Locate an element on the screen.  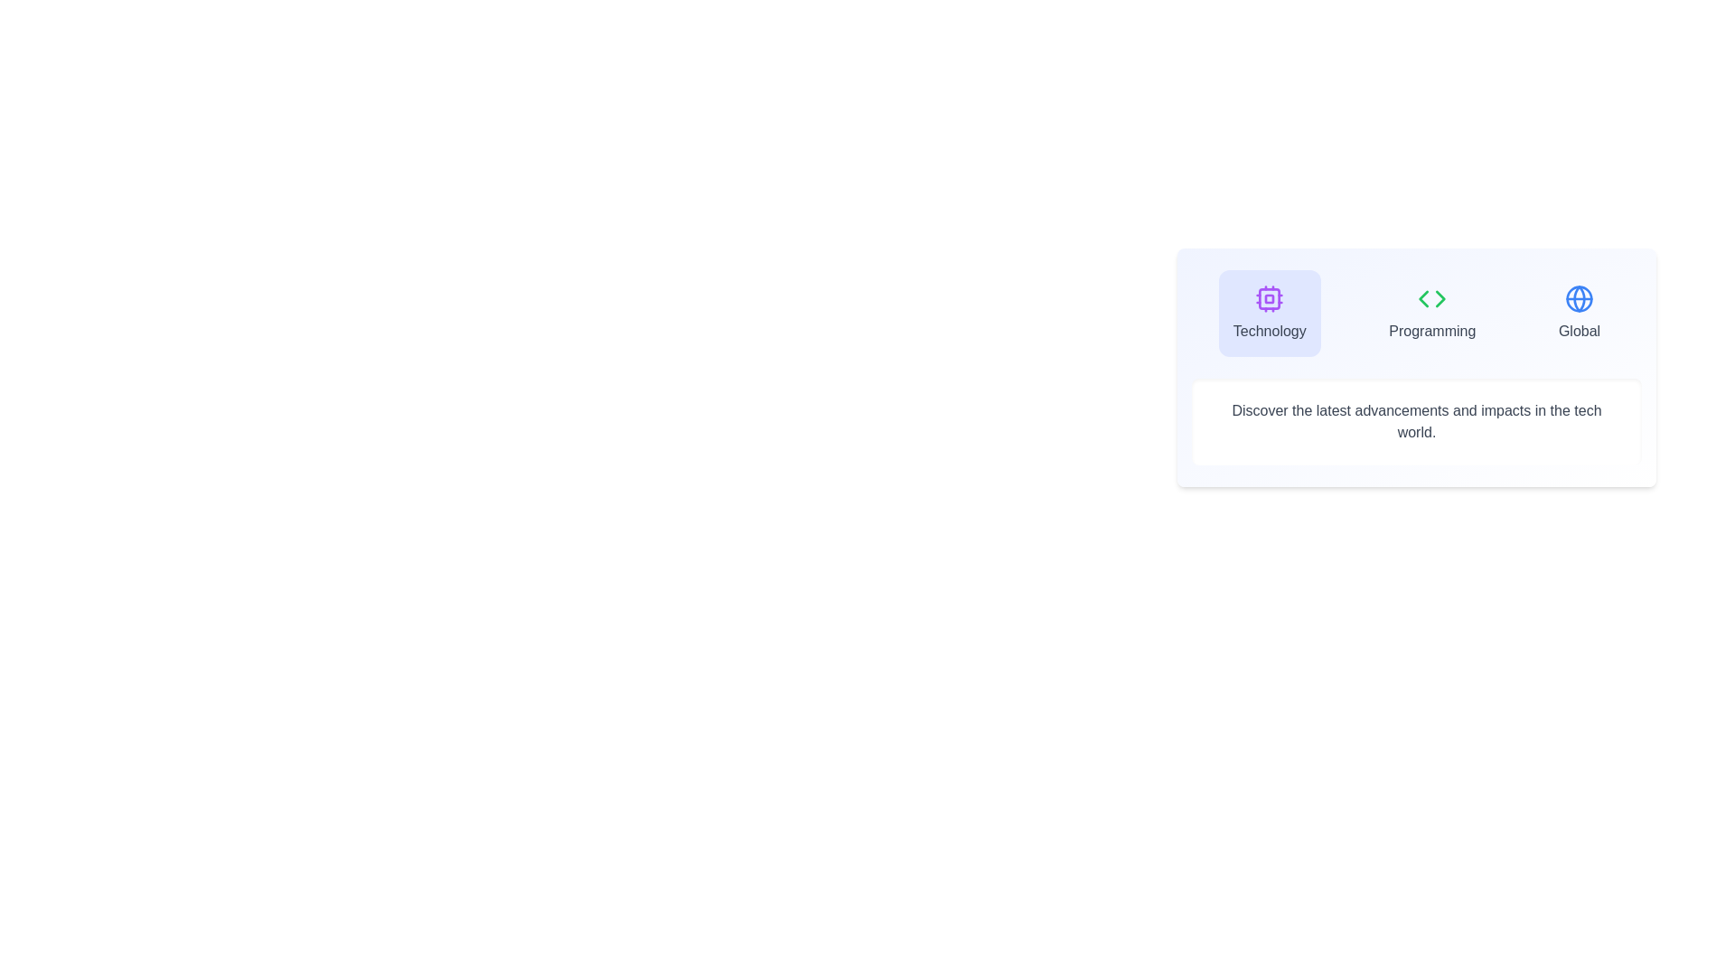
the tab labeled Programming to view its content is located at coordinates (1431, 313).